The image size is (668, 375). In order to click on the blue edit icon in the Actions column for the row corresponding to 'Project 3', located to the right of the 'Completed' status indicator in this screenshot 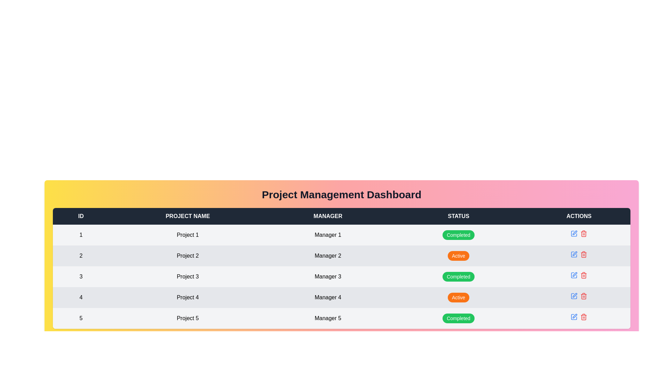, I will do `click(579, 275)`.